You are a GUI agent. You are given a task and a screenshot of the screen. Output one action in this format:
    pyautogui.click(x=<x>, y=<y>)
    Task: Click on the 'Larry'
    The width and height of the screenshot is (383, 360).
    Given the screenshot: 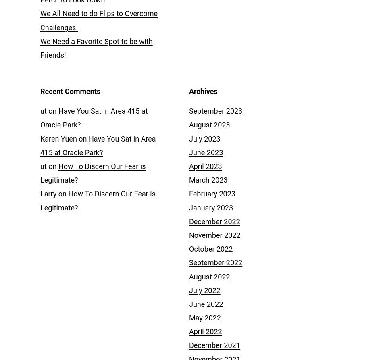 What is the action you would take?
    pyautogui.click(x=48, y=193)
    